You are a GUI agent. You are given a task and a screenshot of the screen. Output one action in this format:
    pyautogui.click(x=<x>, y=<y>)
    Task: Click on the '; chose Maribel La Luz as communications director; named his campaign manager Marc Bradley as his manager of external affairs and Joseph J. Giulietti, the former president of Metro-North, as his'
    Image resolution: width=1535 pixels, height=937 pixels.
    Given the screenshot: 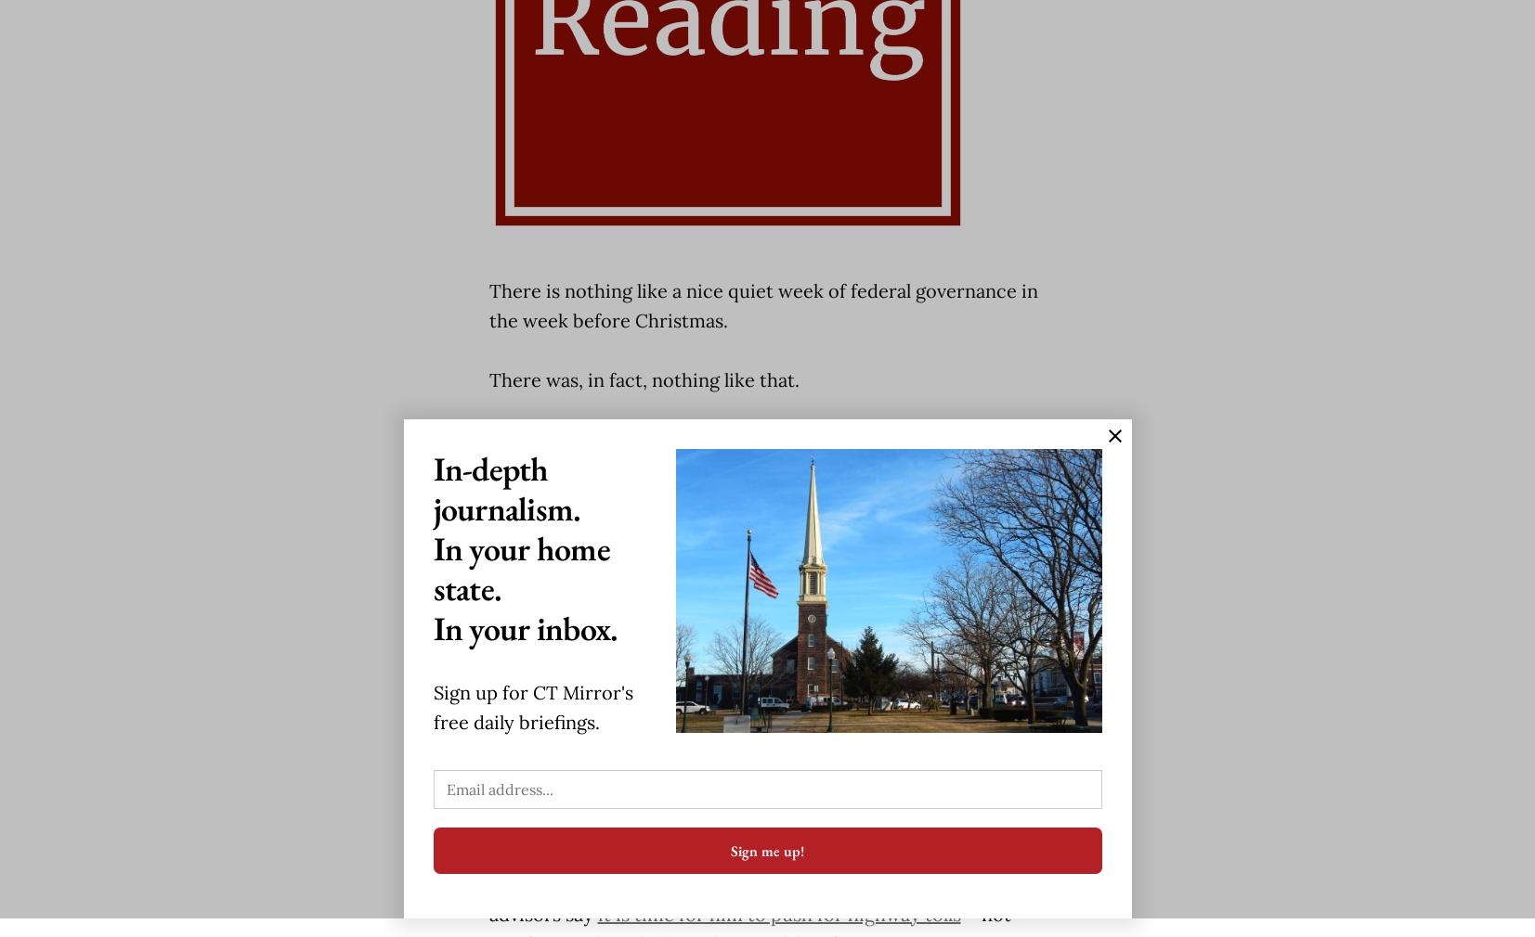 What is the action you would take?
    pyautogui.click(x=761, y=735)
    